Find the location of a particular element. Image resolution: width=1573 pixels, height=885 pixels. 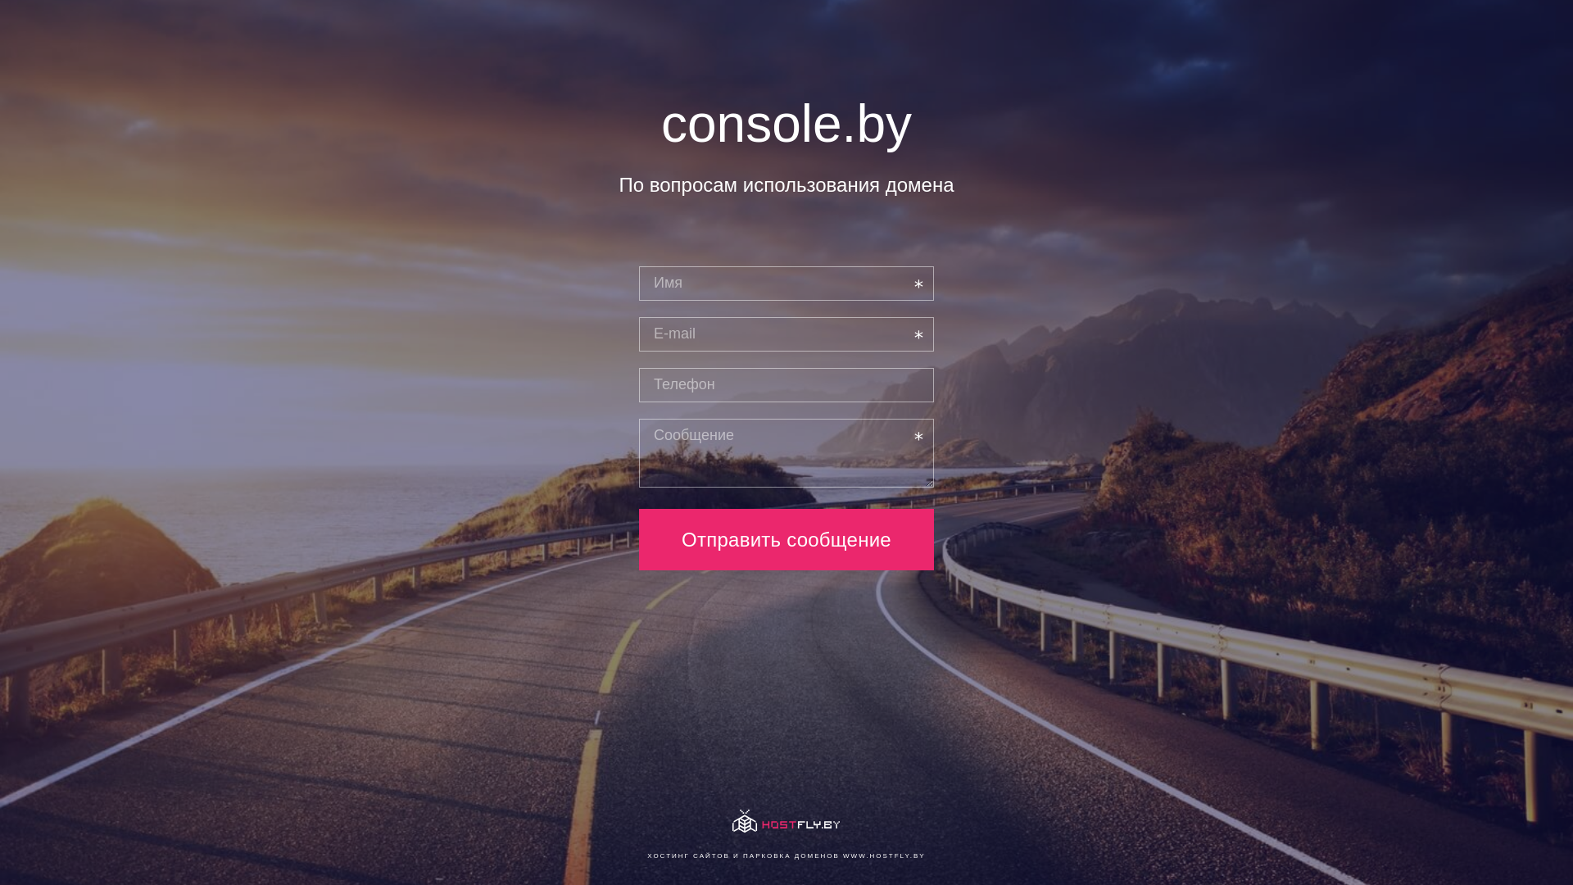

'WWW.HOSTFLY.BY' is located at coordinates (883, 855).